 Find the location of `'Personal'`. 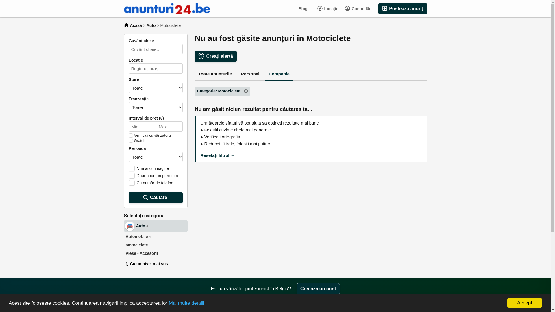

'Personal' is located at coordinates (250, 74).